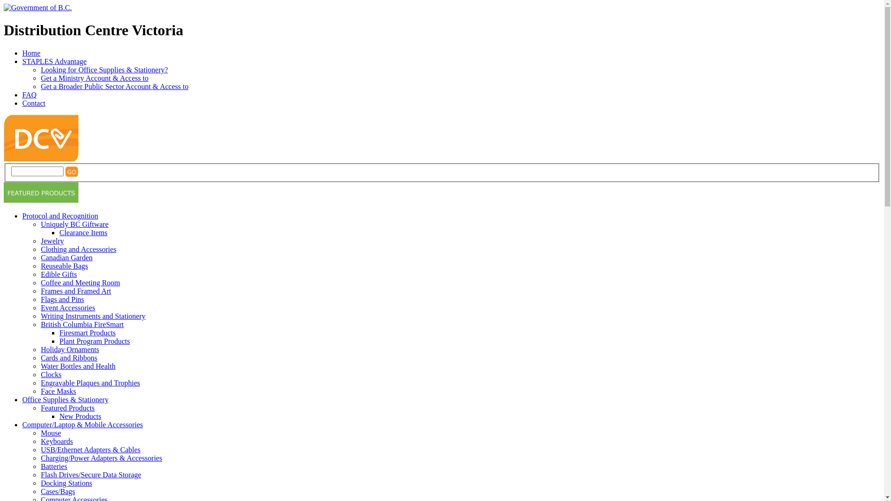  Describe the element at coordinates (40, 466) in the screenshot. I see `'Batteries'` at that location.